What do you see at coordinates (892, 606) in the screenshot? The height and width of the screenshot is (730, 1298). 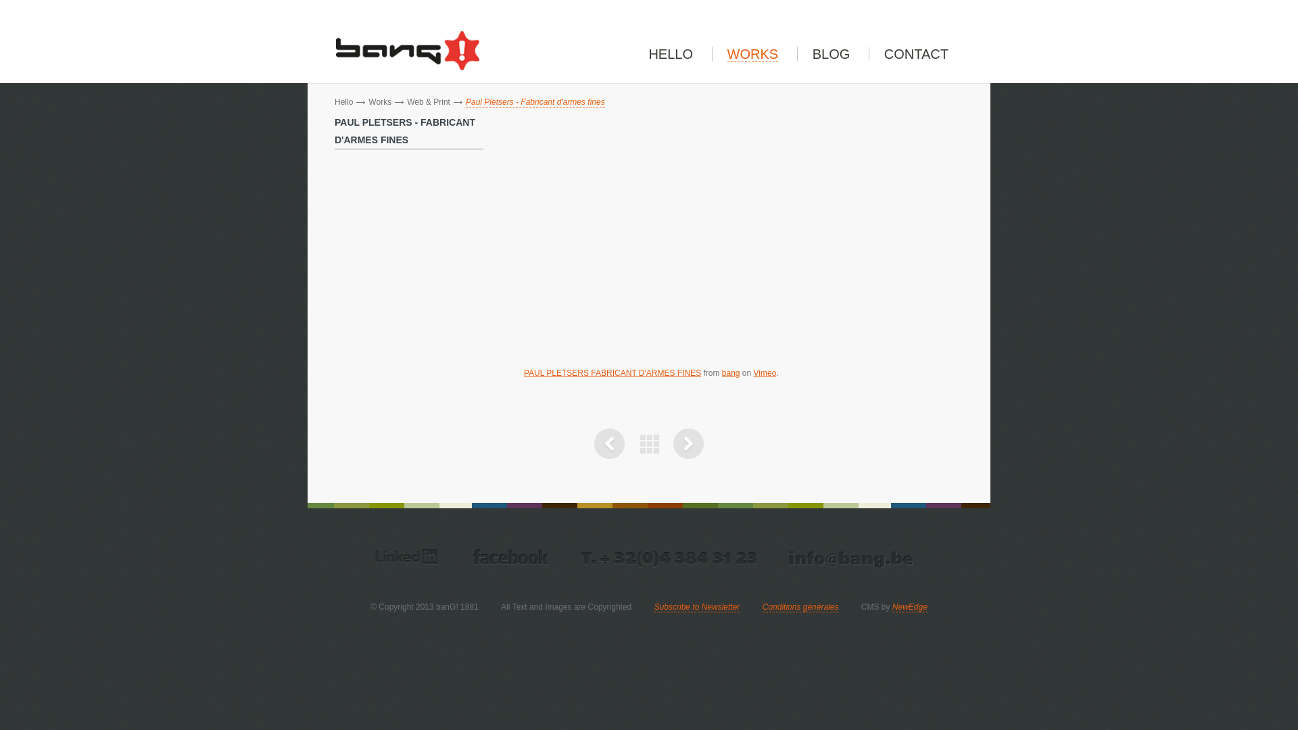 I see `'NewEdge'` at bounding box center [892, 606].